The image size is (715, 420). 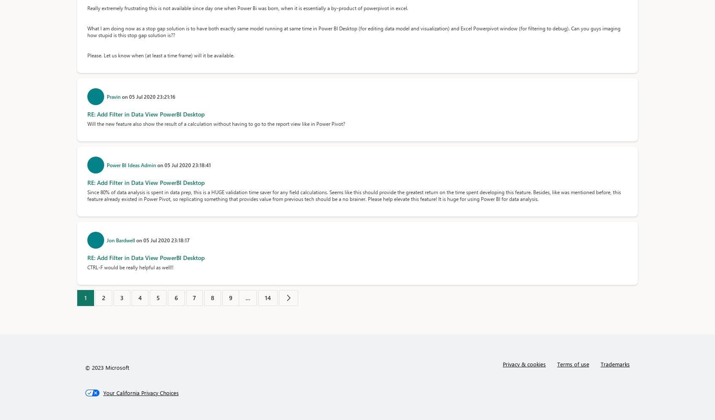 I want to click on 'Will the new feature also show the result of a calculation without having to go to the report view like in Power Pivot?', so click(x=215, y=123).